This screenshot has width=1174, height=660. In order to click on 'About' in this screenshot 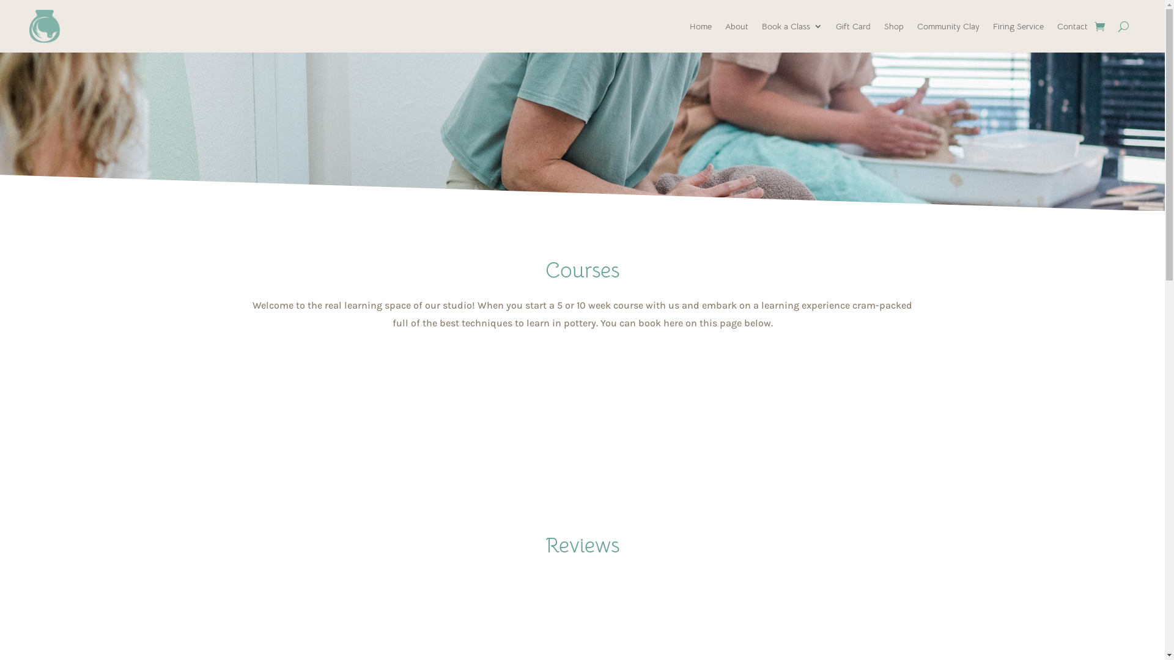, I will do `click(725, 26)`.